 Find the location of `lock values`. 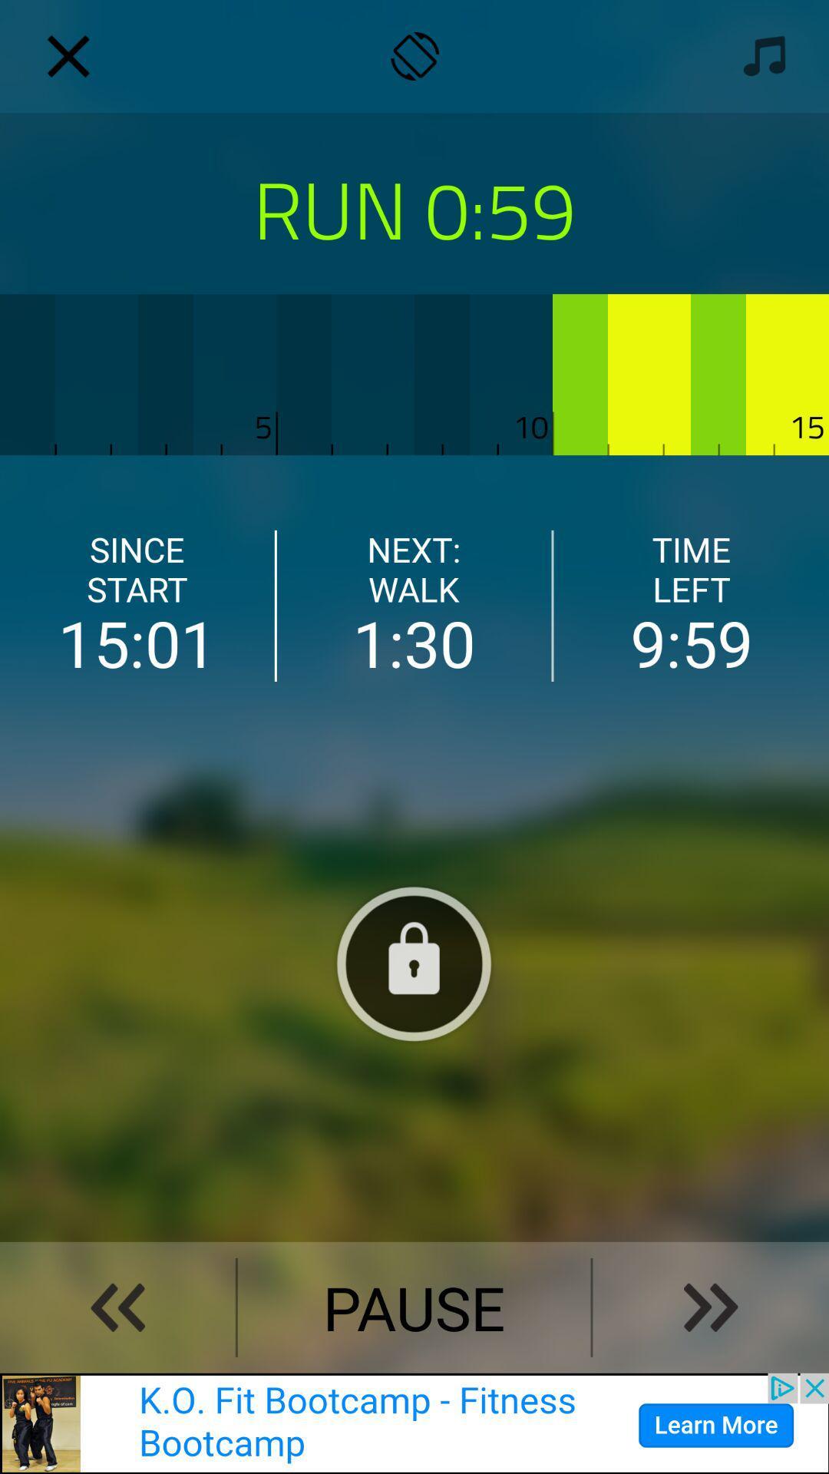

lock values is located at coordinates (413, 963).